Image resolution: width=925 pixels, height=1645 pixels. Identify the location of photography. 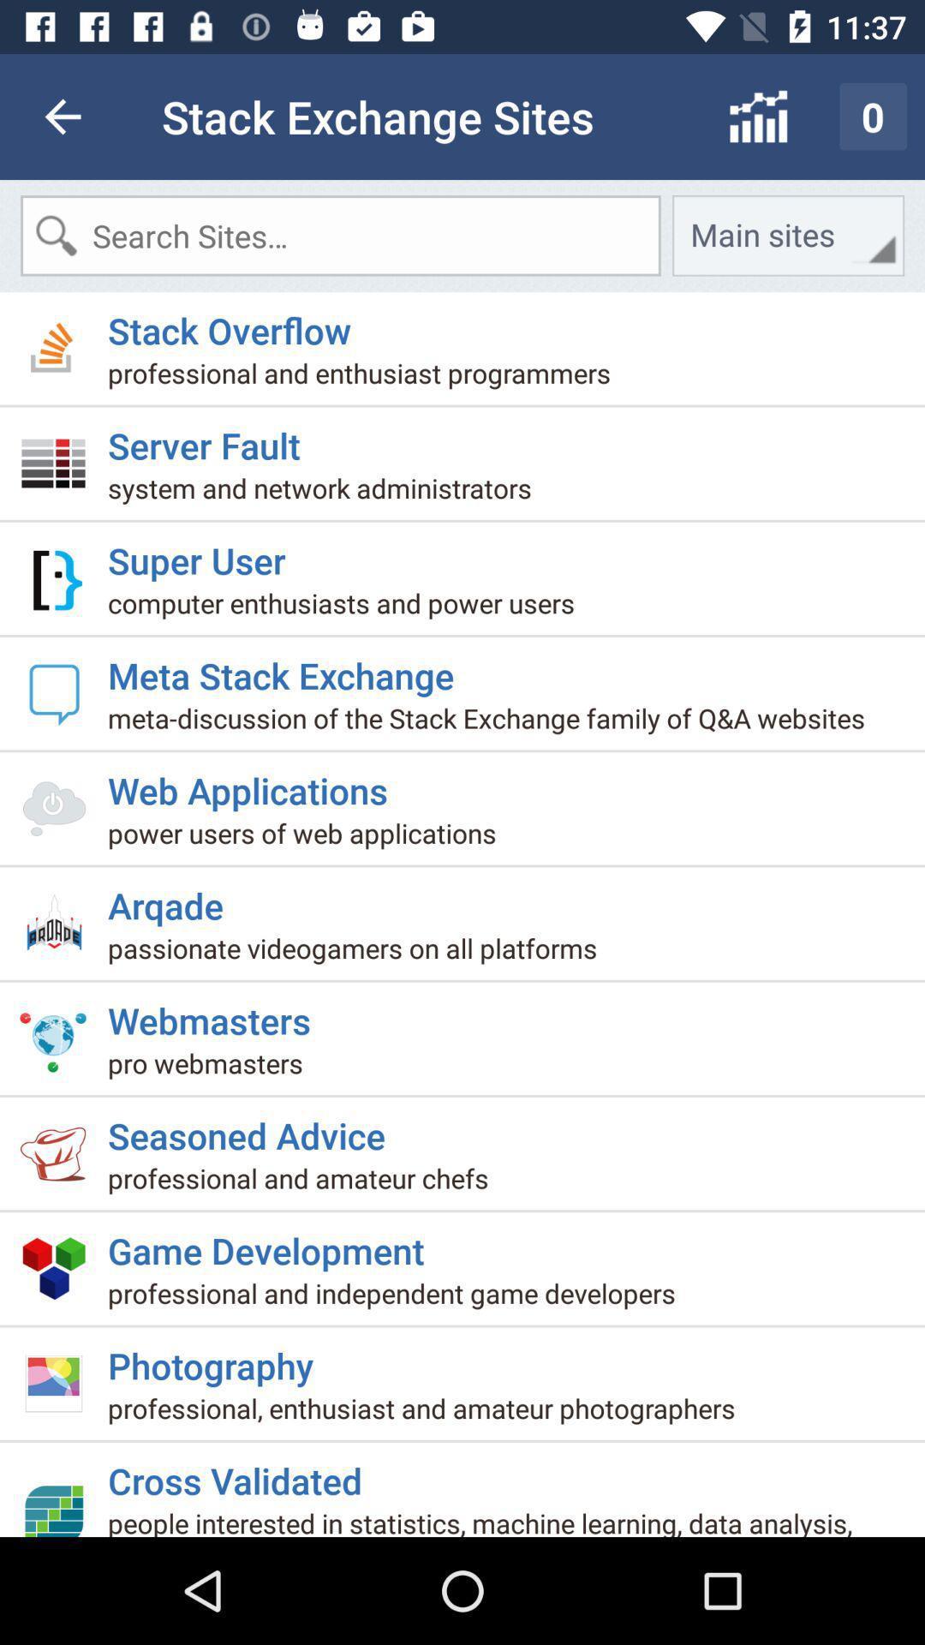
(216, 1357).